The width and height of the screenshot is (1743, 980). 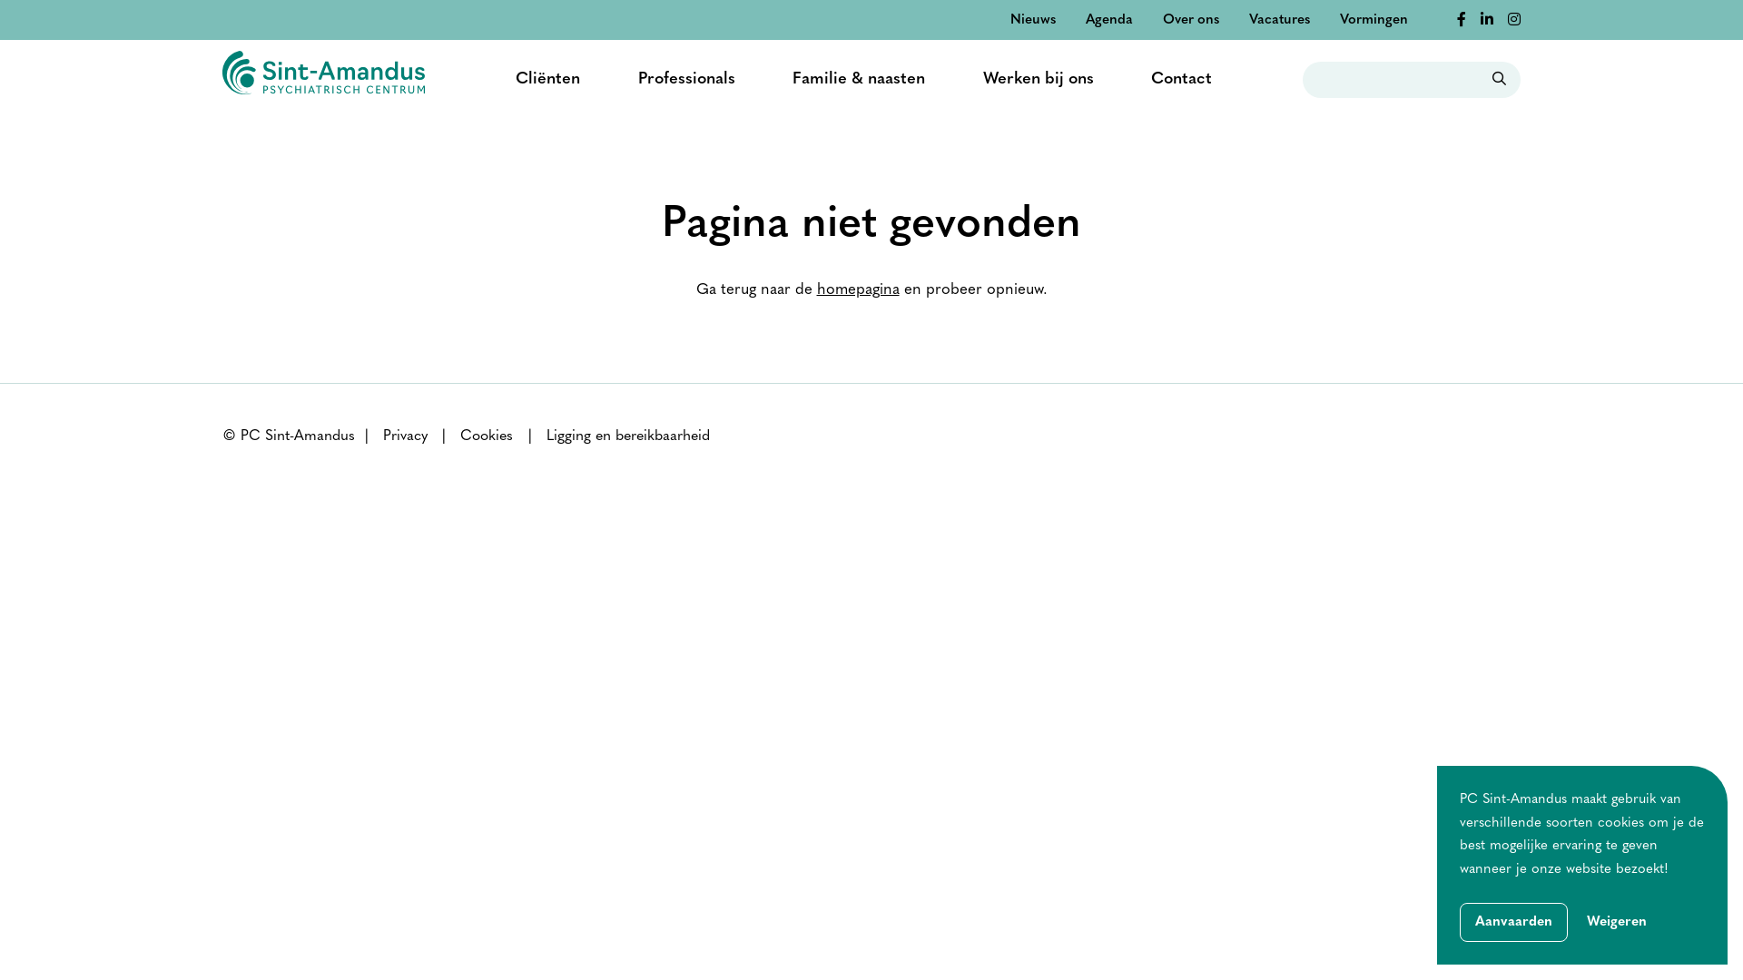 I want to click on 'Vormingen', so click(x=1340, y=20).